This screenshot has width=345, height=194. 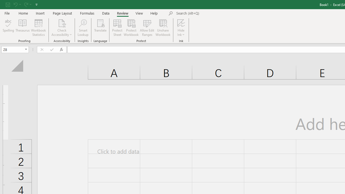 I want to click on 'More Options', so click(x=181, y=33).